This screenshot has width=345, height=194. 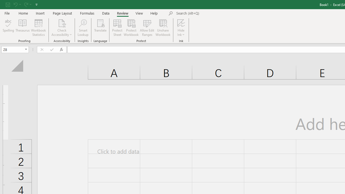 I want to click on 'More Options', so click(x=181, y=33).